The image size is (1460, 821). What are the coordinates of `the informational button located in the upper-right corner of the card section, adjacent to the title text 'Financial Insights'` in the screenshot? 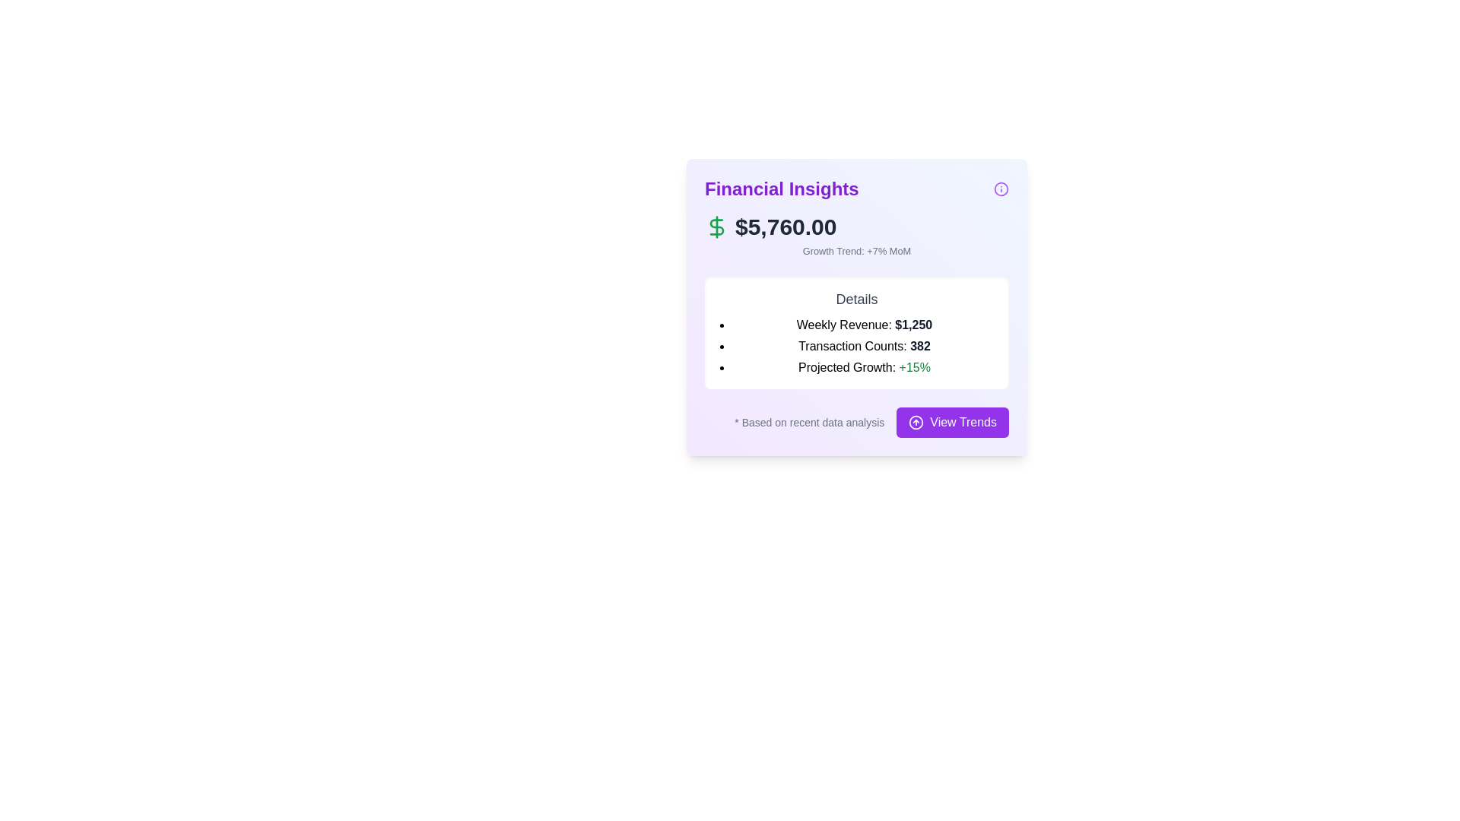 It's located at (1001, 189).